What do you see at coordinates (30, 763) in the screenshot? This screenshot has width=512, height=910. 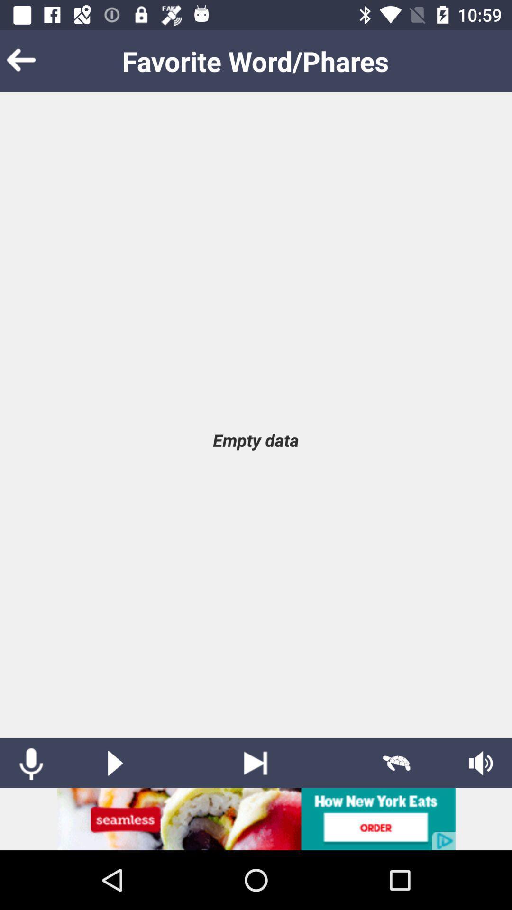 I see `voice button` at bounding box center [30, 763].